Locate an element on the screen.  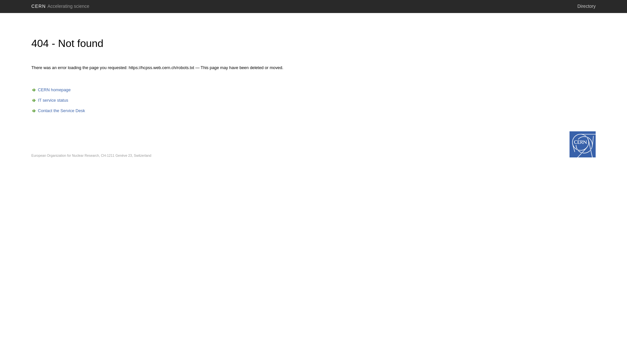
'CERN homepage' is located at coordinates (31, 90).